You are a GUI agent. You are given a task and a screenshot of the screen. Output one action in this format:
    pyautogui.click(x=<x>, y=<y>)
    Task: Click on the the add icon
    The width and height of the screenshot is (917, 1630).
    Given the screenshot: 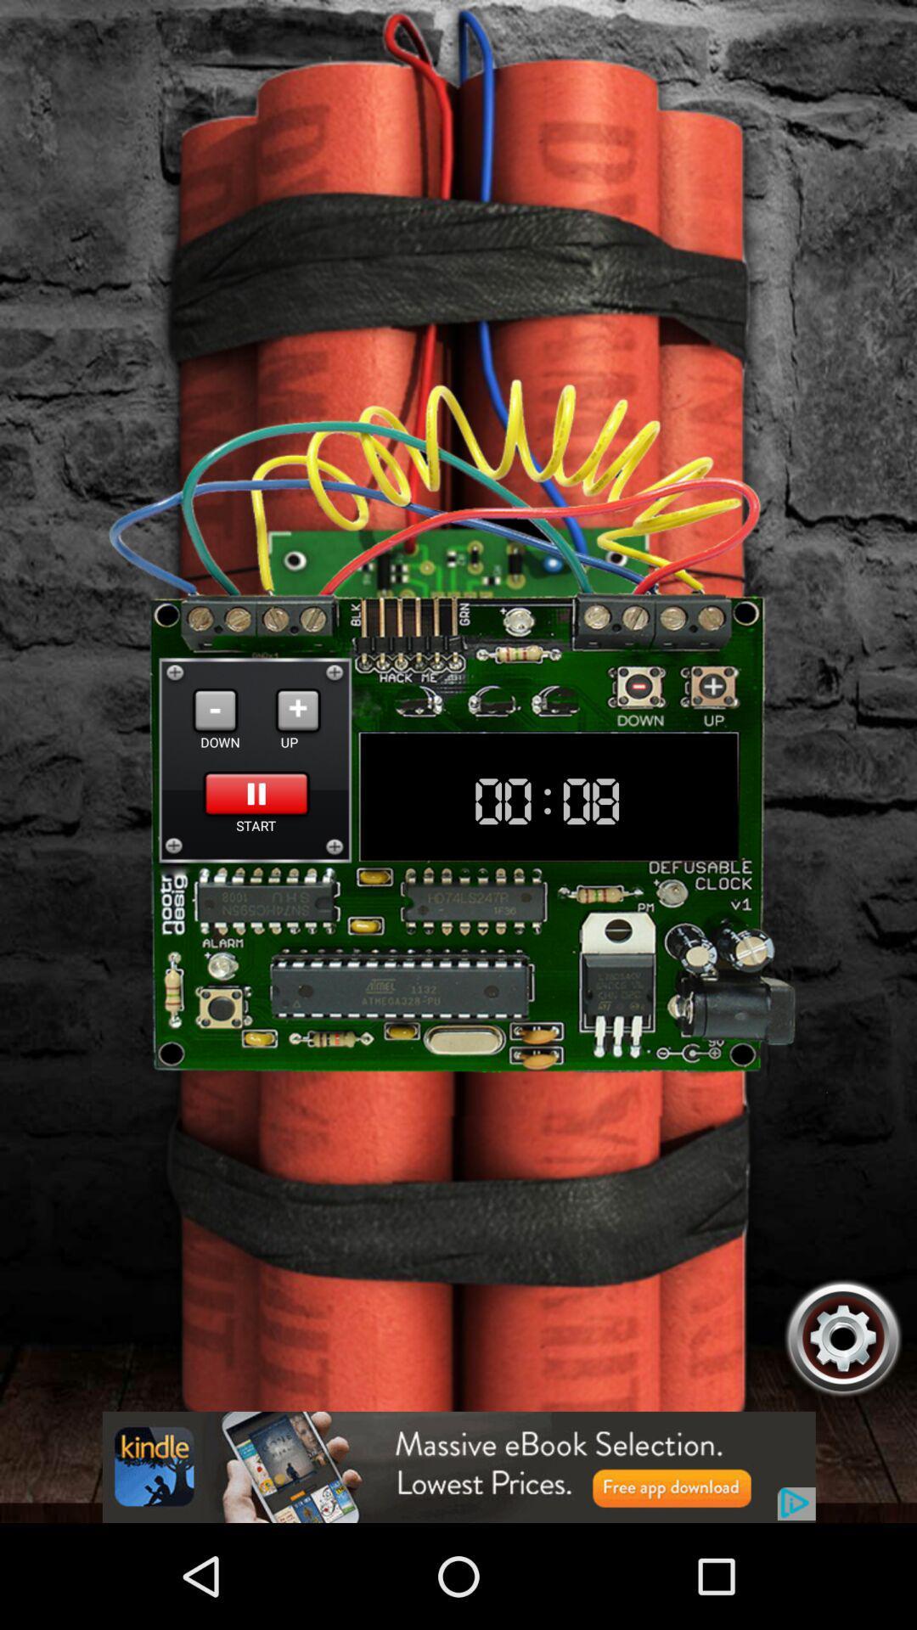 What is the action you would take?
    pyautogui.click(x=297, y=763)
    